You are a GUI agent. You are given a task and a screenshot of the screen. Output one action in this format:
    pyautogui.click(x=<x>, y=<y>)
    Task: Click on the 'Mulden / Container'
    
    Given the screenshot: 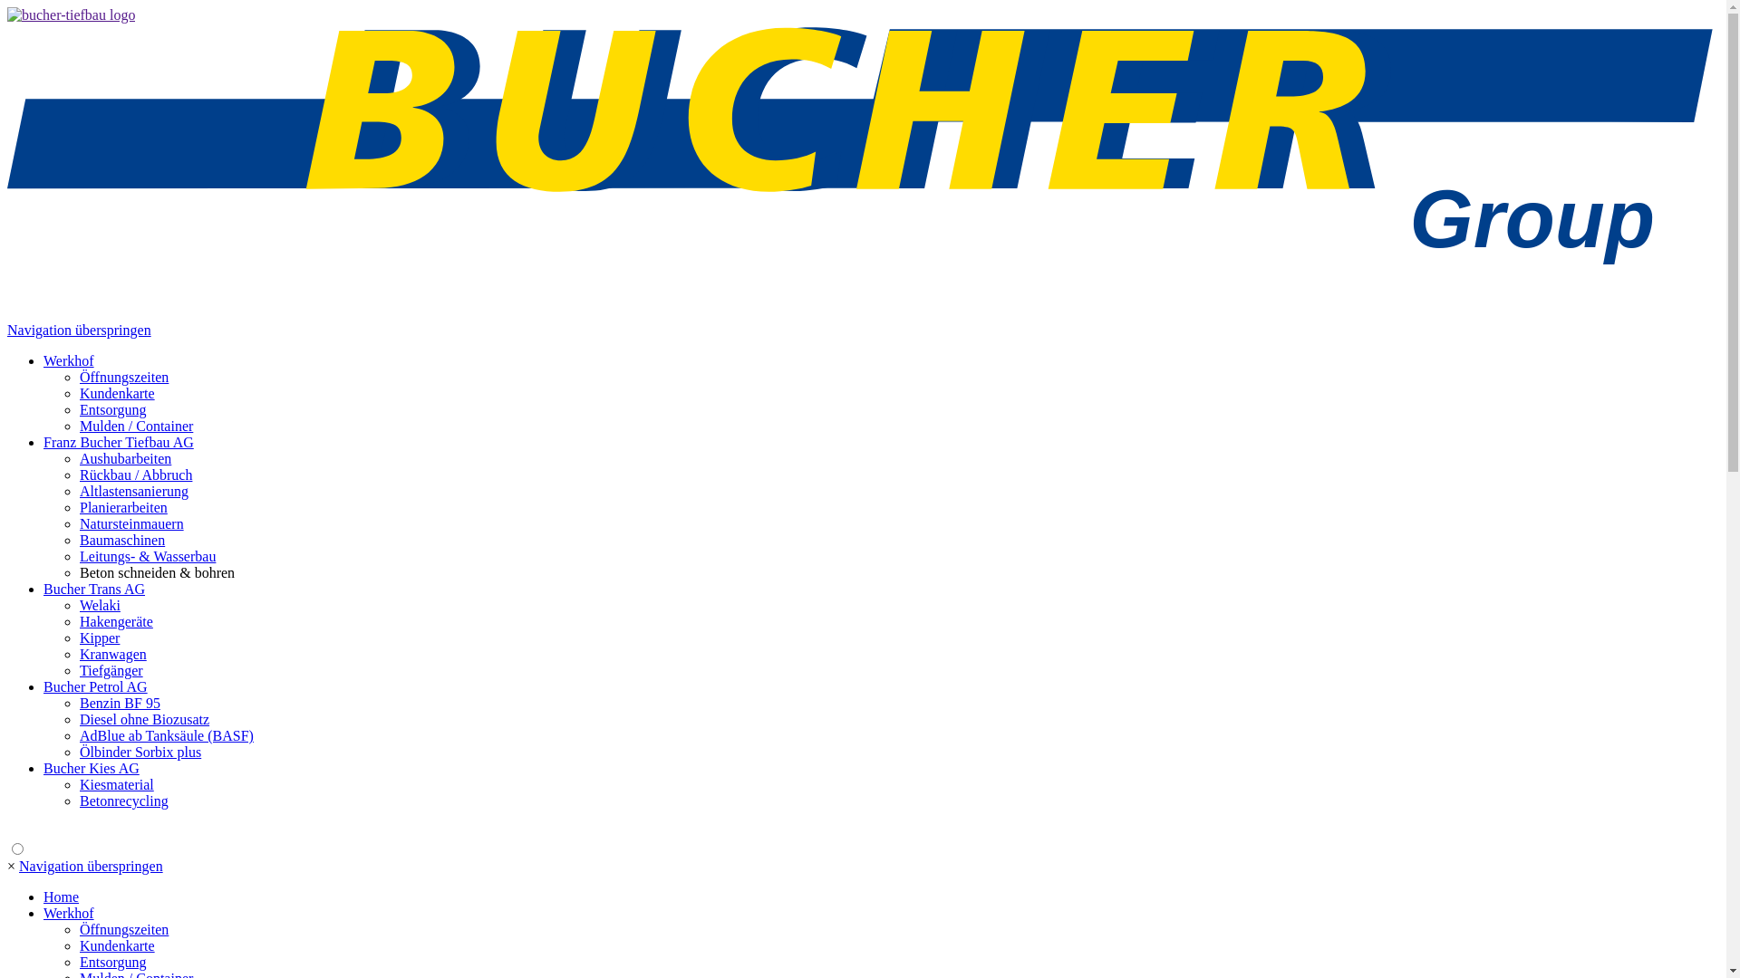 What is the action you would take?
    pyautogui.click(x=135, y=426)
    